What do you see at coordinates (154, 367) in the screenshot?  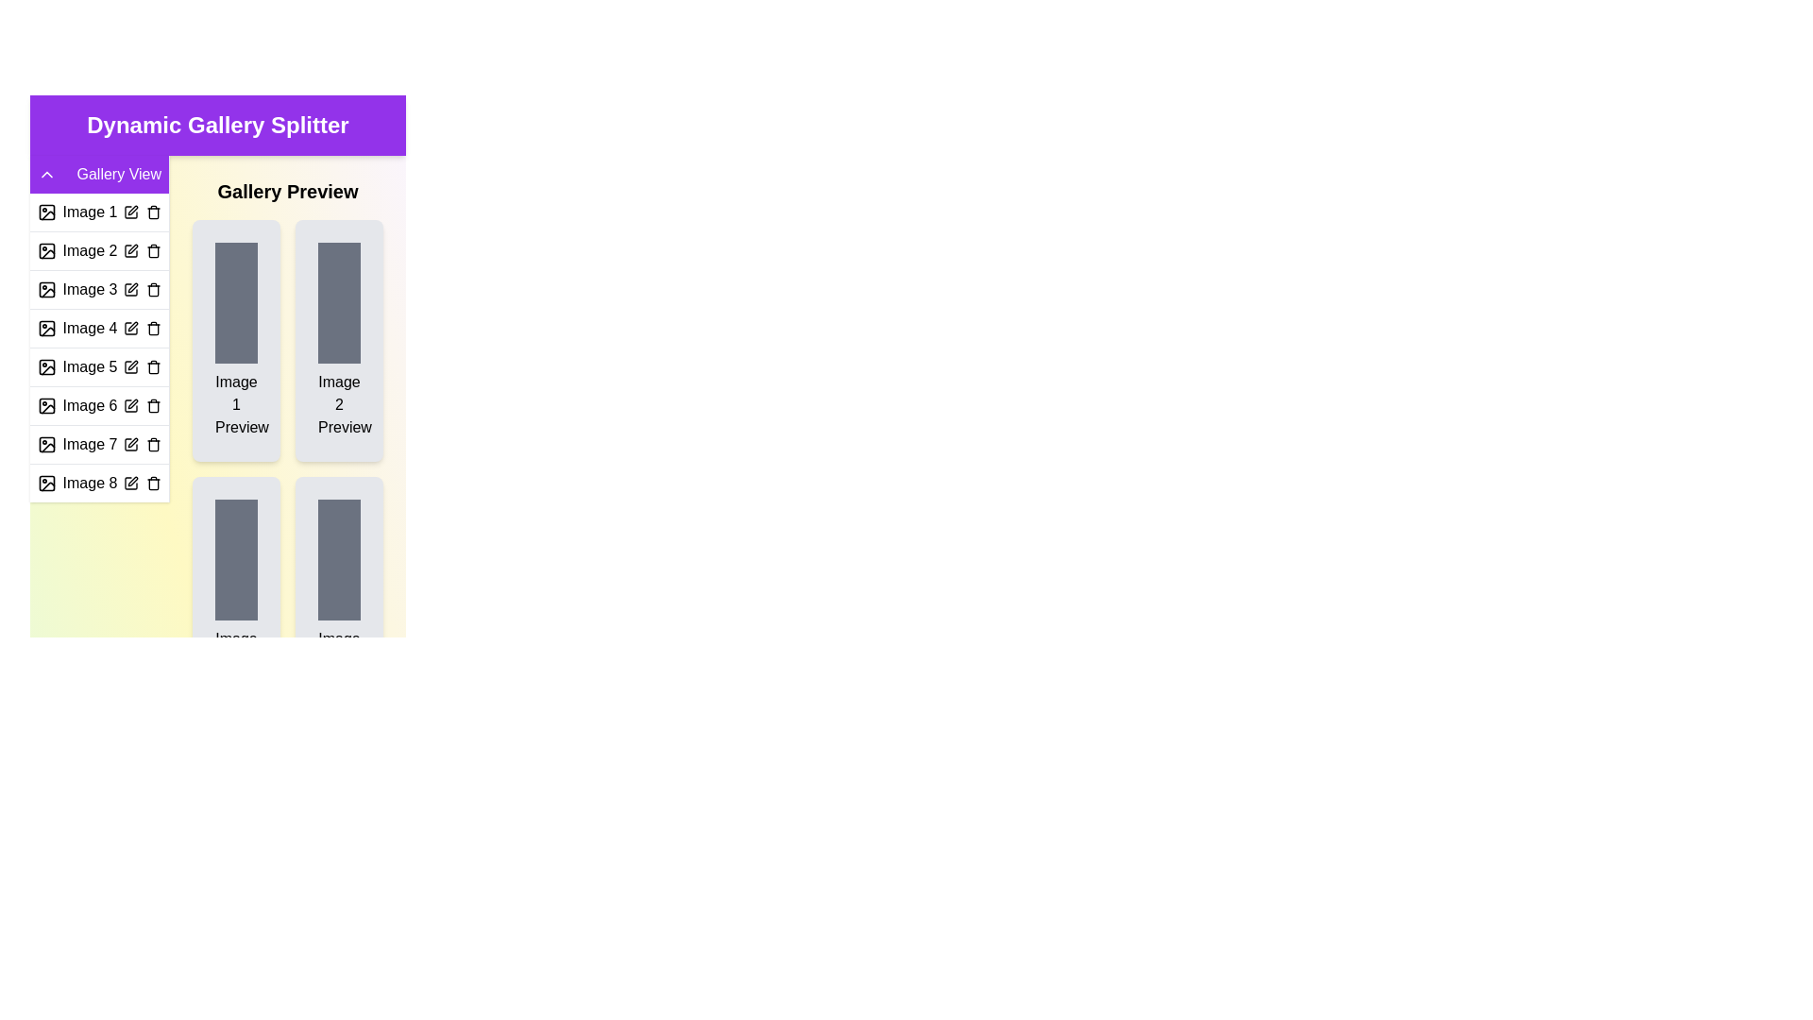 I see `the delete button icon associated with 'Image 5'` at bounding box center [154, 367].